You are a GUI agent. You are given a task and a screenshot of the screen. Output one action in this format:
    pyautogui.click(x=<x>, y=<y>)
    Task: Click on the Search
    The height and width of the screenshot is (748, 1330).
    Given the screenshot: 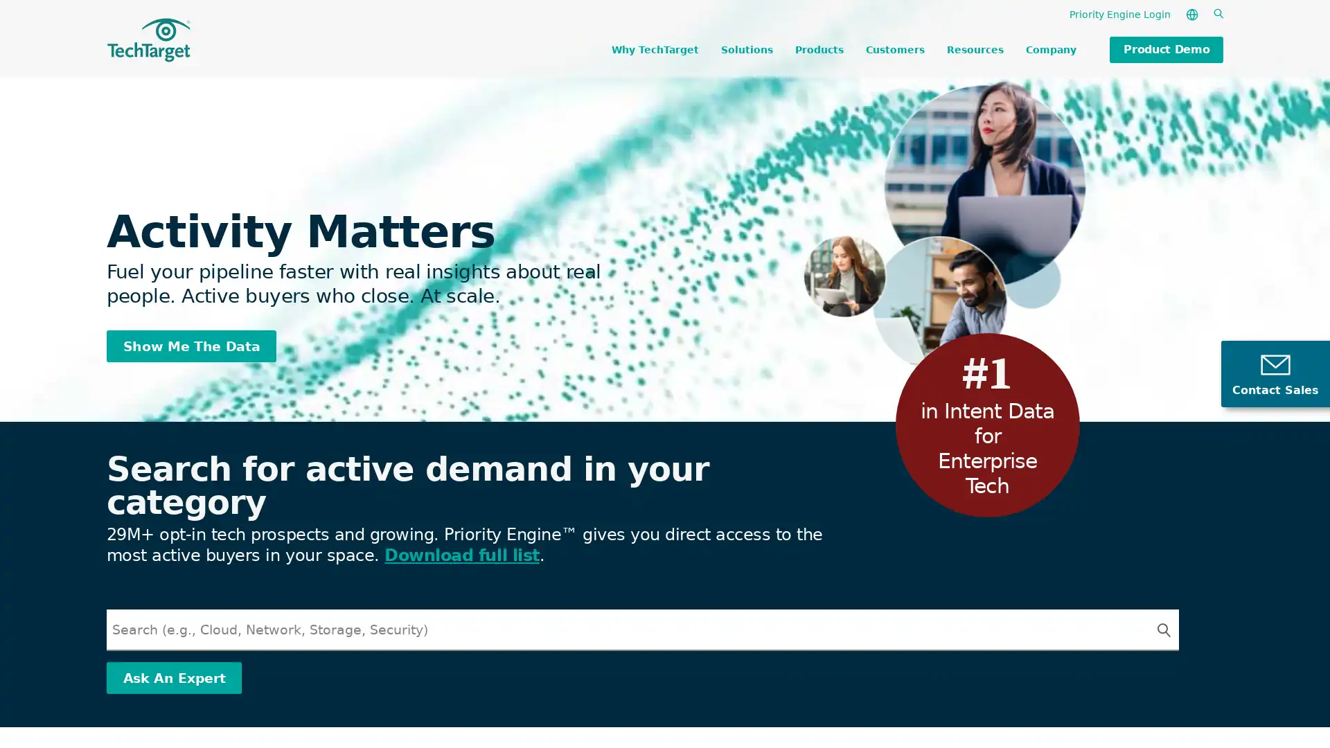 What is the action you would take?
    pyautogui.click(x=1164, y=630)
    